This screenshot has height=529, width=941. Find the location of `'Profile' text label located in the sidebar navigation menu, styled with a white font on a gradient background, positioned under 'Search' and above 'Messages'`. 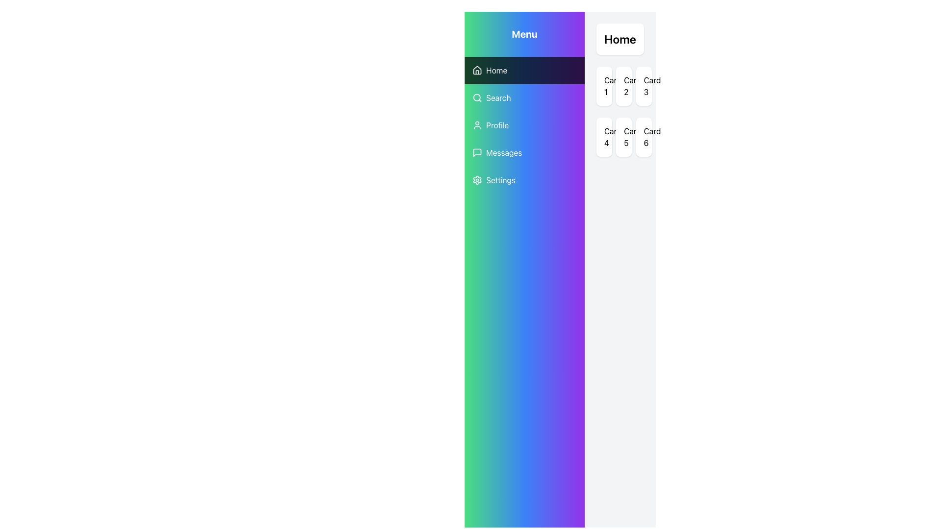

'Profile' text label located in the sidebar navigation menu, styled with a white font on a gradient background, positioned under 'Search' and above 'Messages' is located at coordinates (497, 124).